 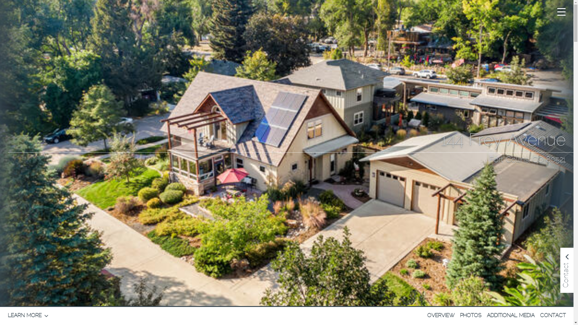 What do you see at coordinates (553, 315) in the screenshot?
I see `'CONTACT'` at bounding box center [553, 315].